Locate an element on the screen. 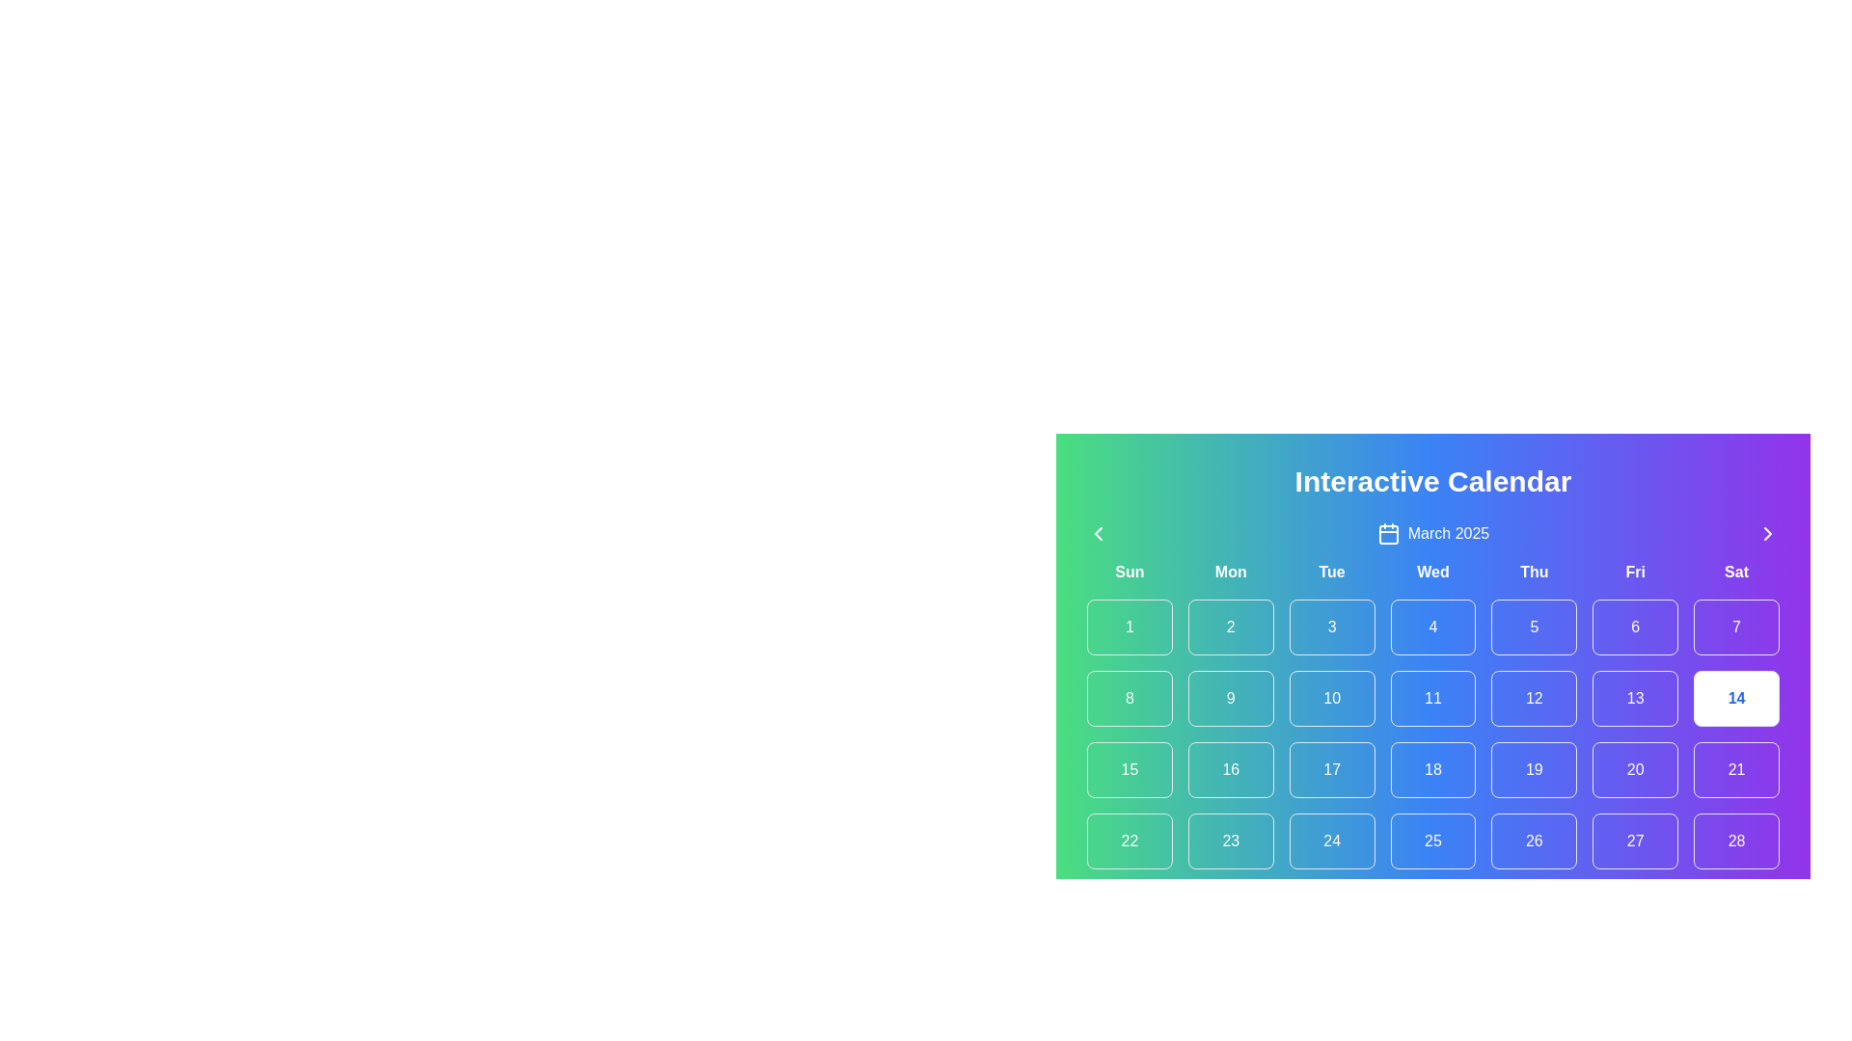 The image size is (1852, 1041). the Calendar Day Button representing Friday to trigger the hover effect is located at coordinates (1634, 627).